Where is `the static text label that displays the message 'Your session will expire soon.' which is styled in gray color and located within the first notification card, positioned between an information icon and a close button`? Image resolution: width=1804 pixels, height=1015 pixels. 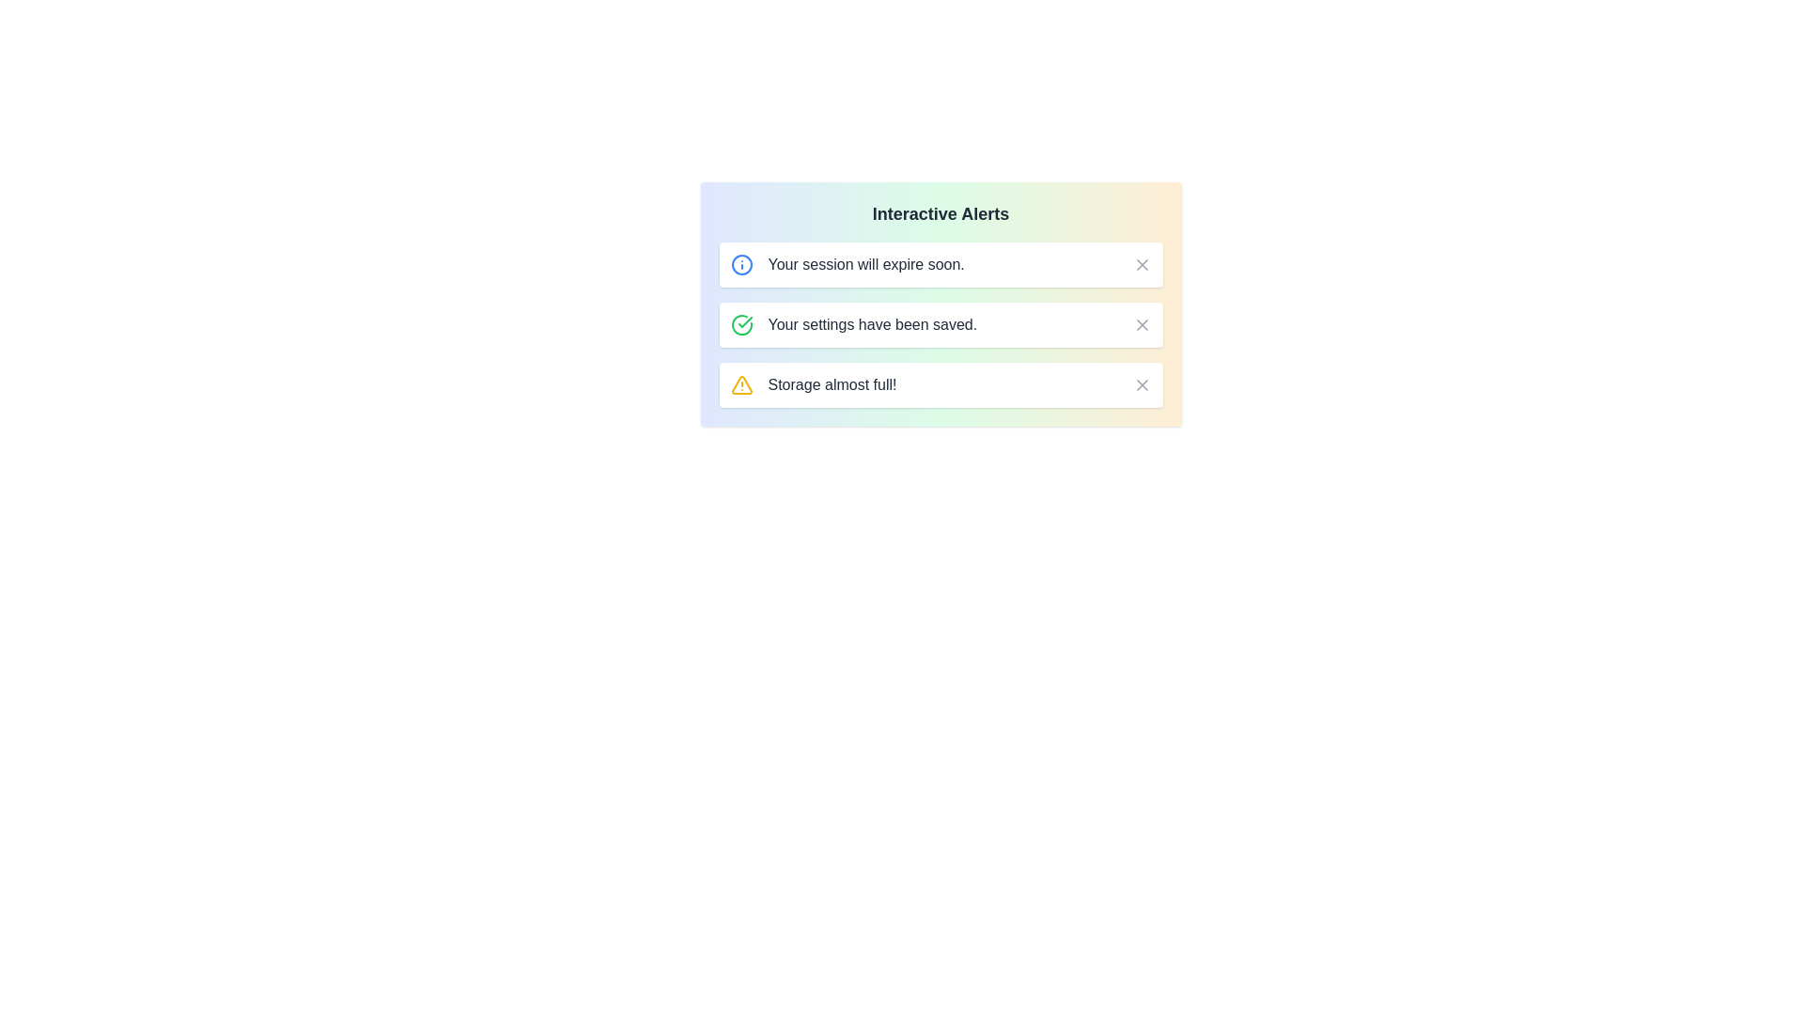 the static text label that displays the message 'Your session will expire soon.' which is styled in gray color and located within the first notification card, positioned between an information icon and a close button is located at coordinates (865, 264).